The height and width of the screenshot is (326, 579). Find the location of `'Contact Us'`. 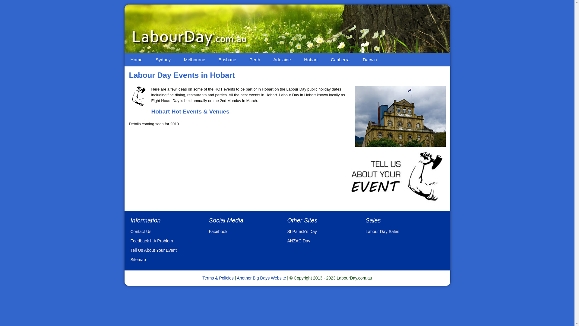

'Contact Us' is located at coordinates (140, 231).